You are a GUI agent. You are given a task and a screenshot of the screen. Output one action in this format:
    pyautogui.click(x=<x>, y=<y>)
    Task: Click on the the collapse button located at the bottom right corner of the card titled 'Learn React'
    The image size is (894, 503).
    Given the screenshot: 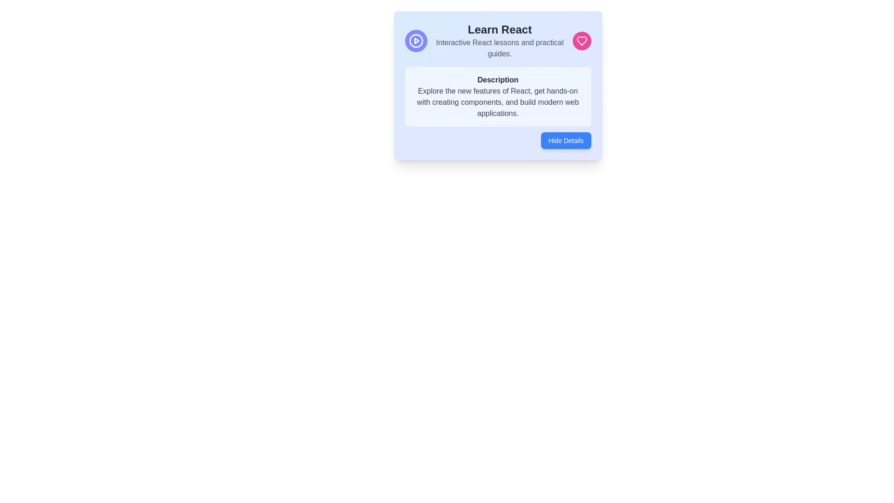 What is the action you would take?
    pyautogui.click(x=565, y=140)
    